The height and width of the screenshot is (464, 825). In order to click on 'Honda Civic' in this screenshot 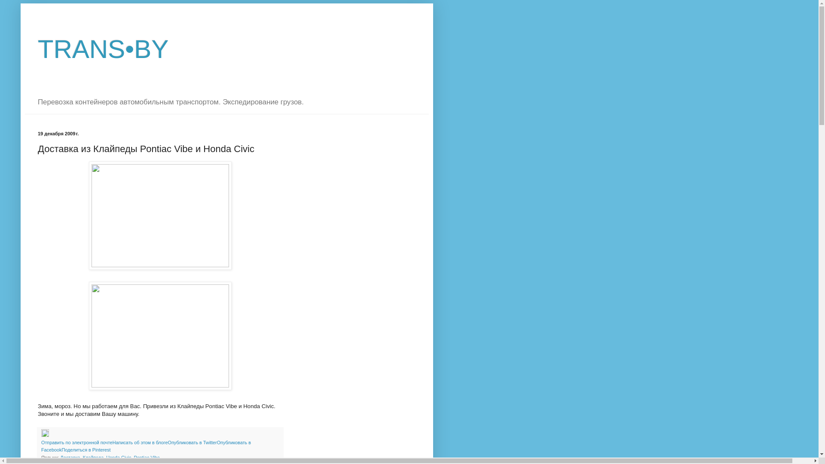, I will do `click(118, 457)`.